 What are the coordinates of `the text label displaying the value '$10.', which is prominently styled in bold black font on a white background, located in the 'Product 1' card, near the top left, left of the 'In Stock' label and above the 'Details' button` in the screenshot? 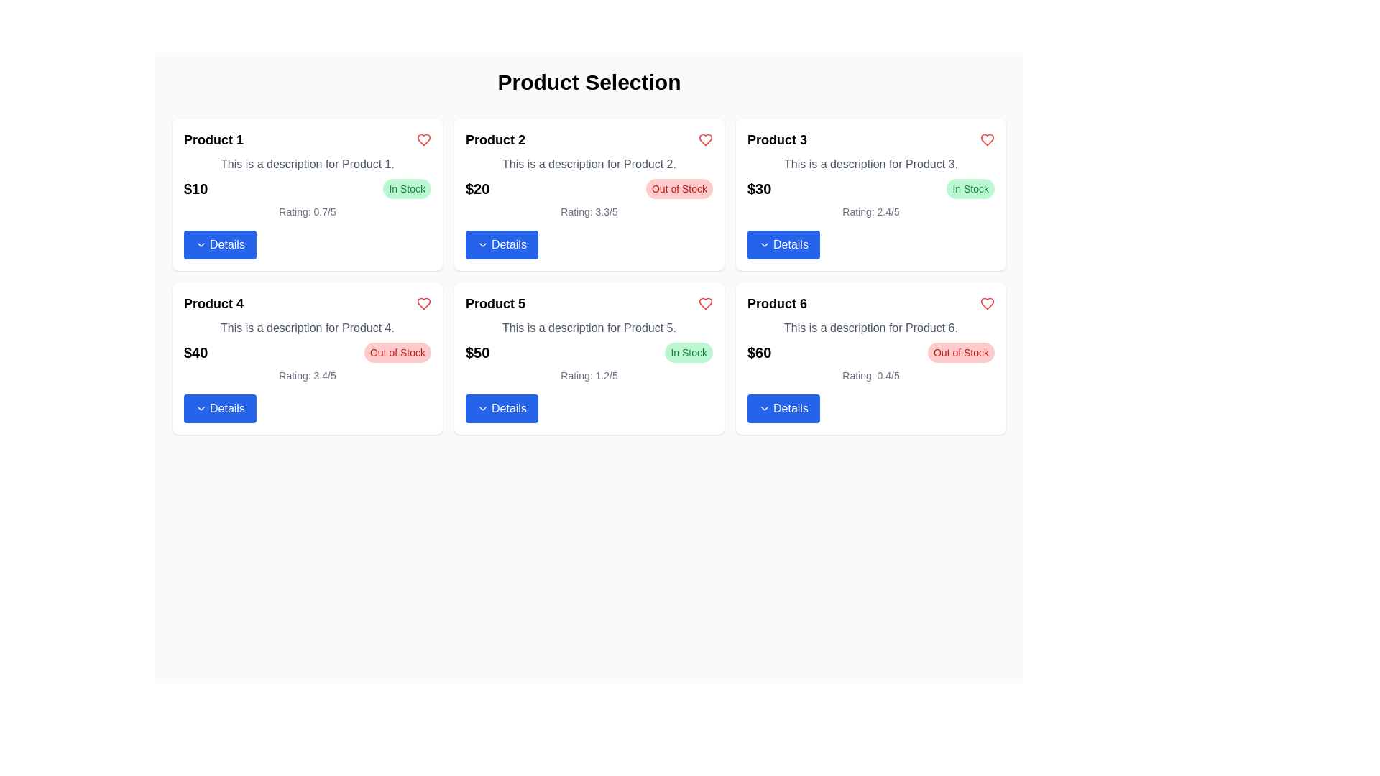 It's located at (195, 188).